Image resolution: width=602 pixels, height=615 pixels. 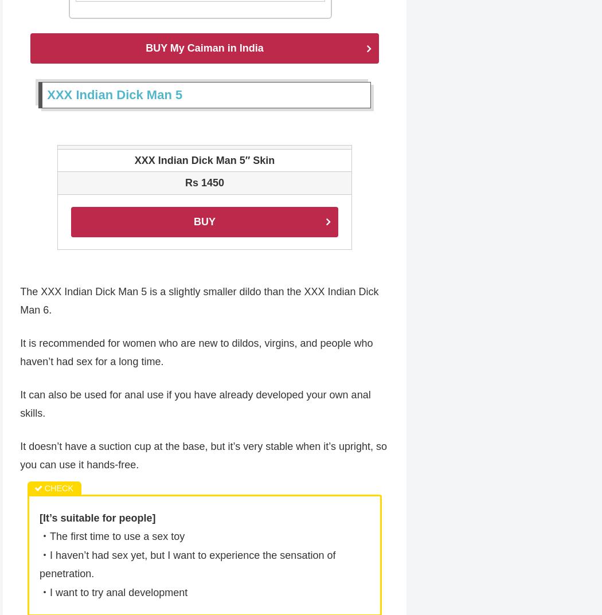 I want to click on '・I want to try anal development', so click(x=113, y=593).